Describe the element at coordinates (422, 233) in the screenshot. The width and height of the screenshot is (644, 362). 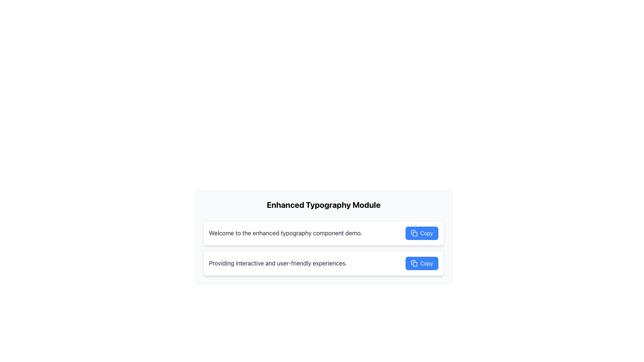
I see `the 'Copy' button, which is a rectangular button with rounded corners, a blue background, and white text` at that location.